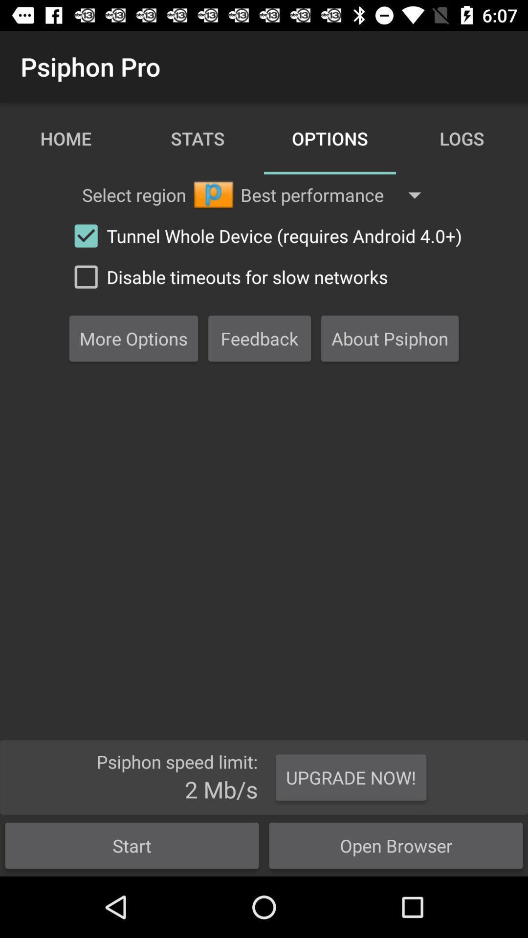 This screenshot has width=528, height=938. What do you see at coordinates (351, 777) in the screenshot?
I see `upgrade now` at bounding box center [351, 777].